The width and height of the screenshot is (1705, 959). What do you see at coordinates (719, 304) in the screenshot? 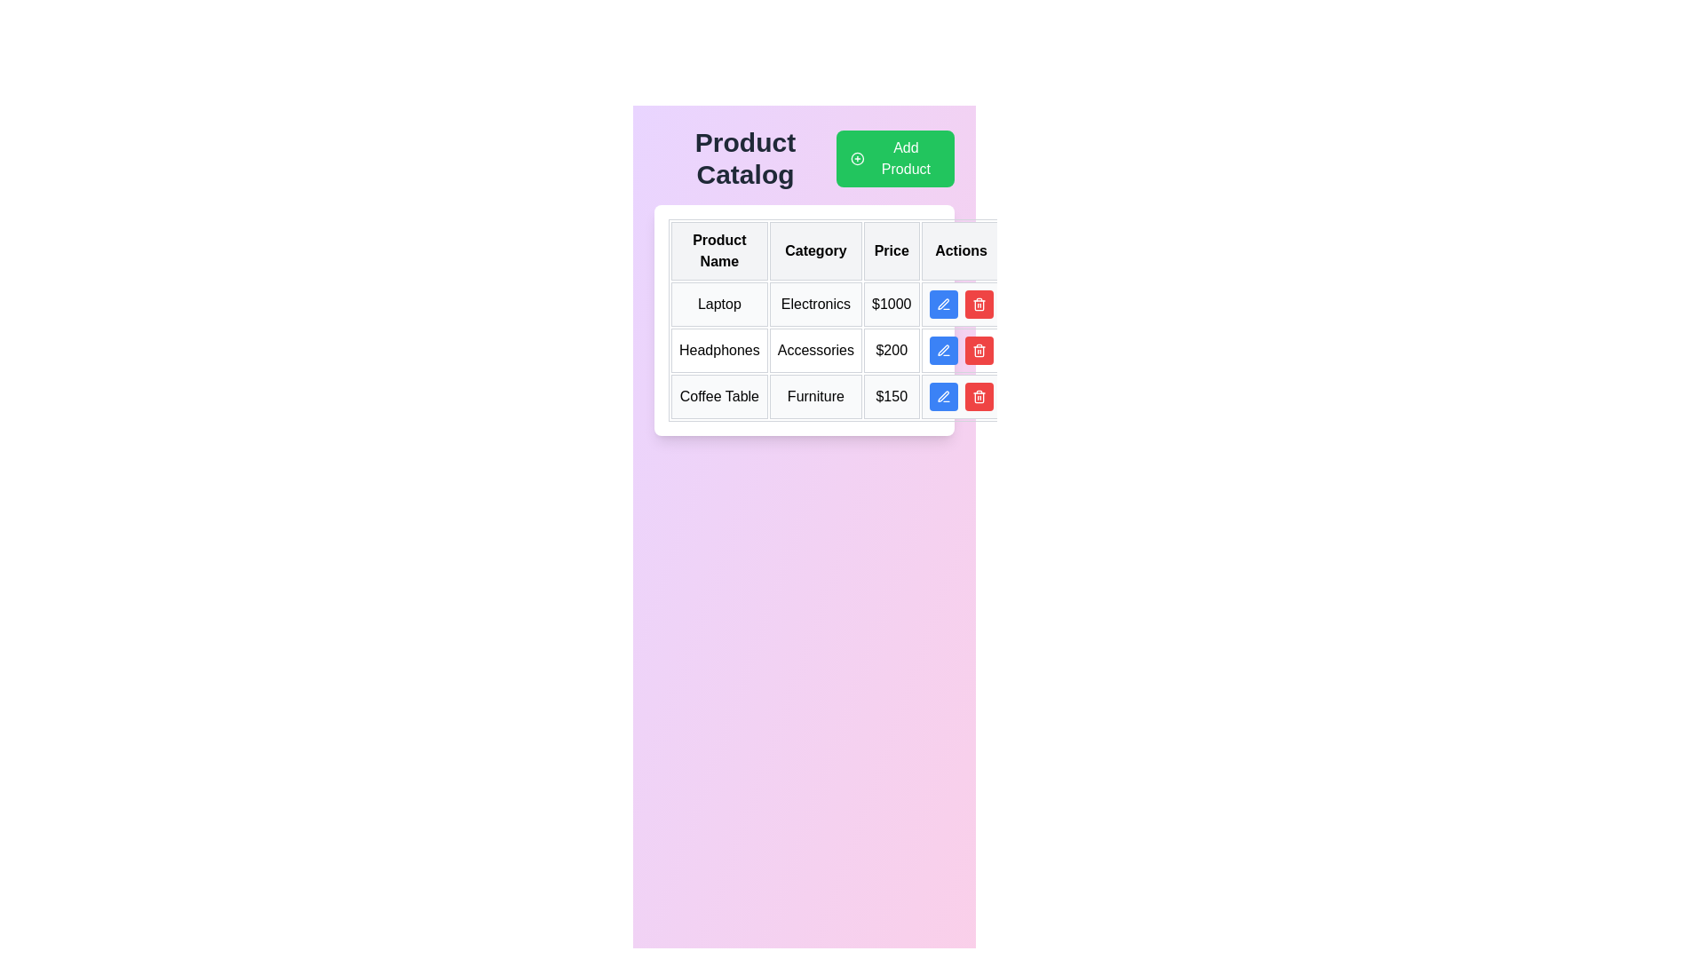
I see `the Text label displaying the product name 'Laptop' in the first cell of the table under the header 'Product Name'` at bounding box center [719, 304].